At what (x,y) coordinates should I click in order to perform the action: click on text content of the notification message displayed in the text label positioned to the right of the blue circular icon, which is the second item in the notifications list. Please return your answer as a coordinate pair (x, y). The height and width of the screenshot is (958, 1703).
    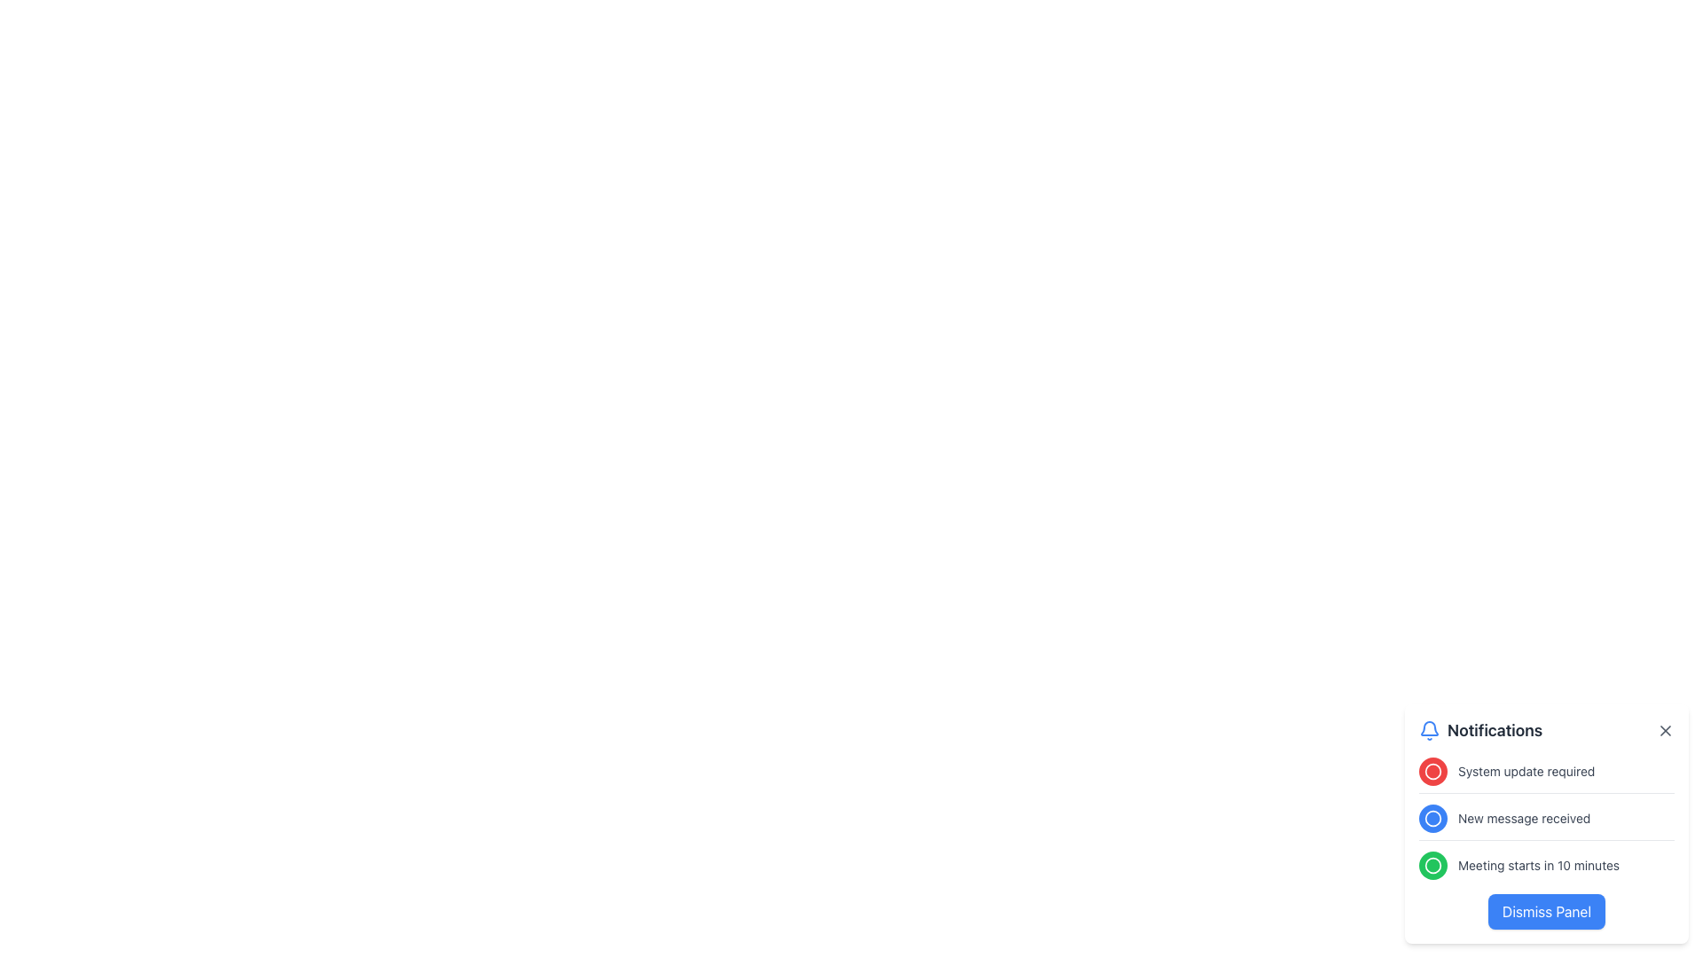
    Looking at the image, I should click on (1523, 818).